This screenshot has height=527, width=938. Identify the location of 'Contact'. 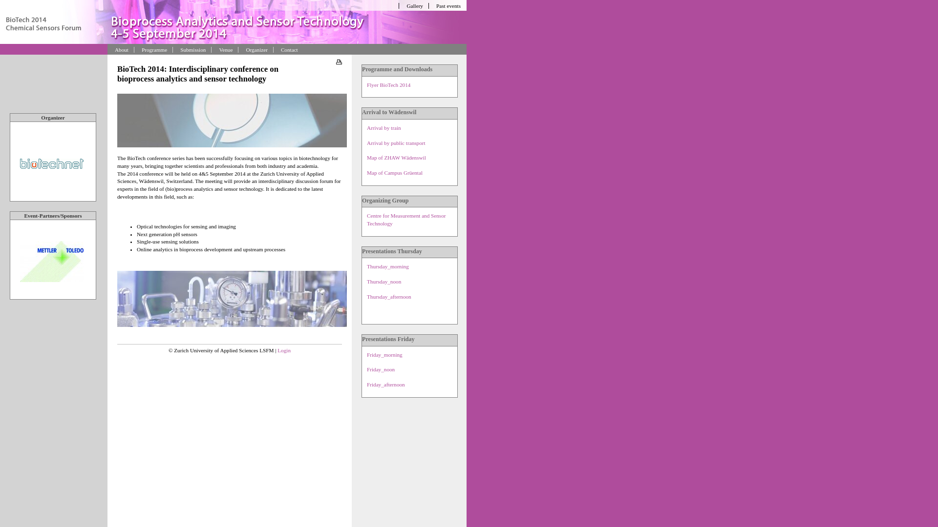
(287, 49).